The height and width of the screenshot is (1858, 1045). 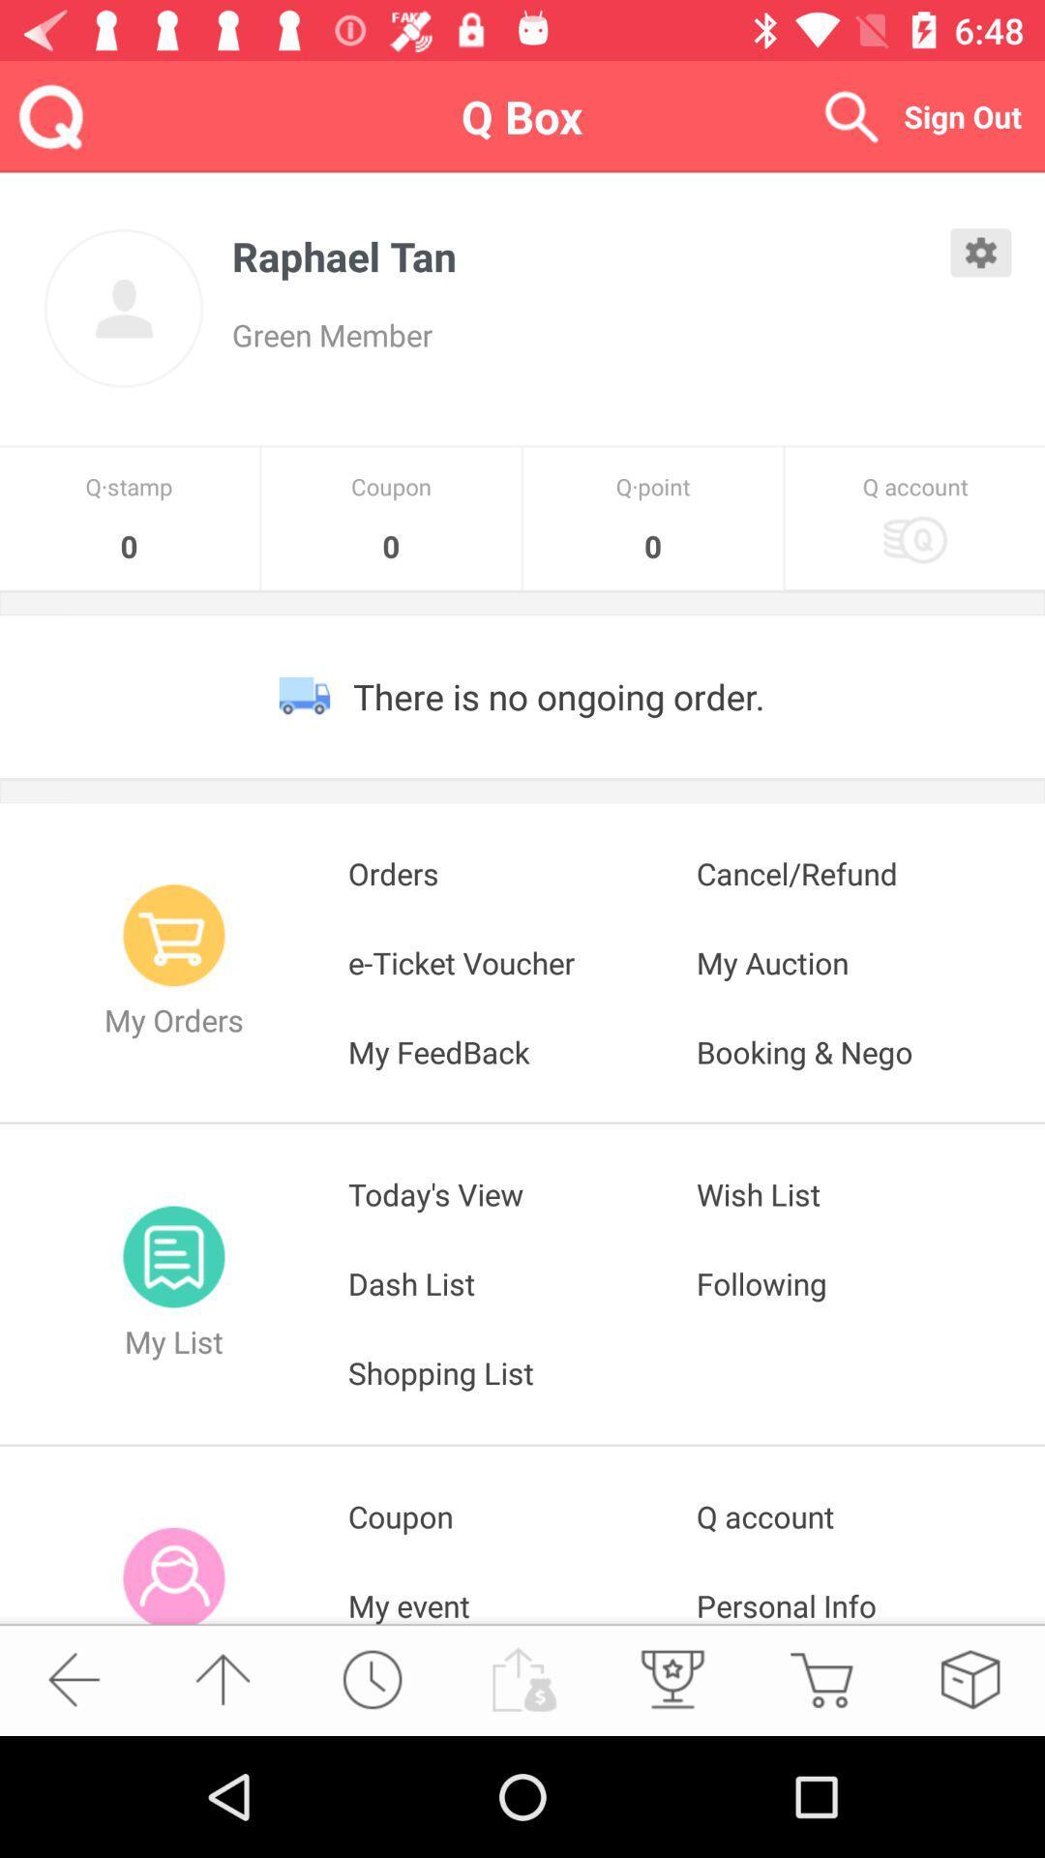 I want to click on upload the article, so click(x=521, y=1678).